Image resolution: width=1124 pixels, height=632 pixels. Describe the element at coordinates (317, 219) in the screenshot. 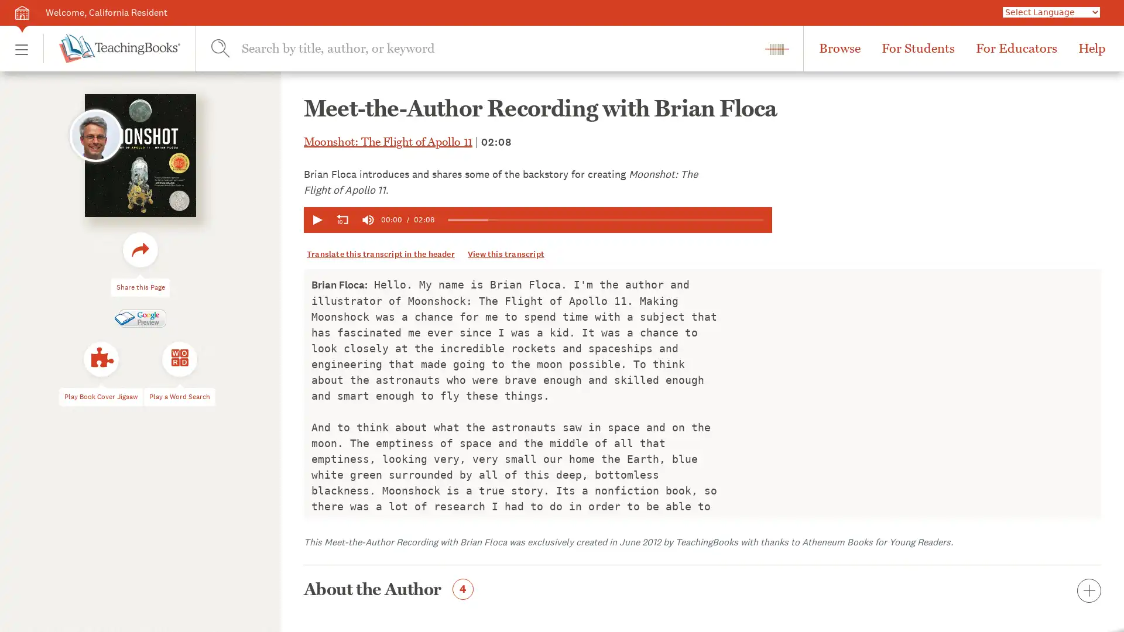

I see `Play` at that location.